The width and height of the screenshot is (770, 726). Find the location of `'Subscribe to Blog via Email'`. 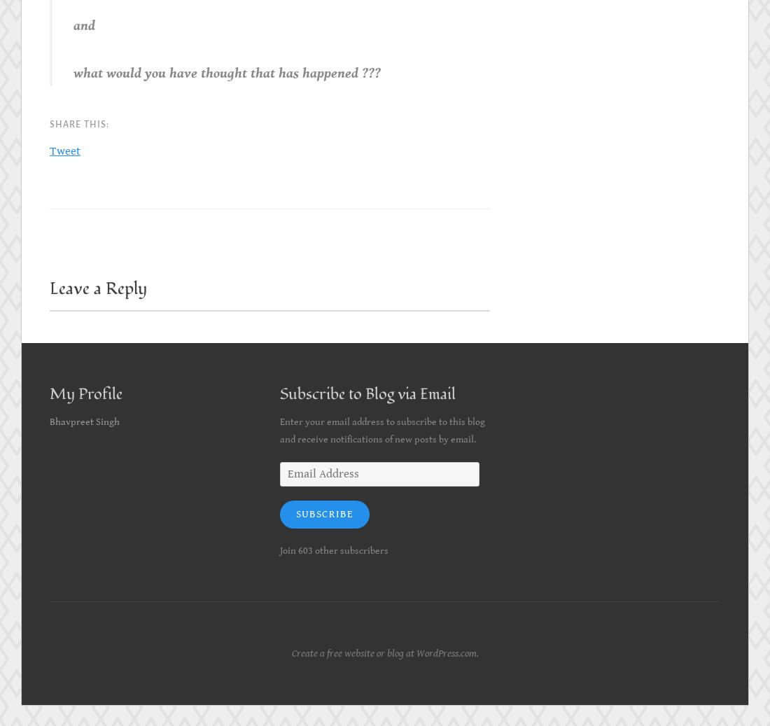

'Subscribe to Blog via Email' is located at coordinates (367, 393).